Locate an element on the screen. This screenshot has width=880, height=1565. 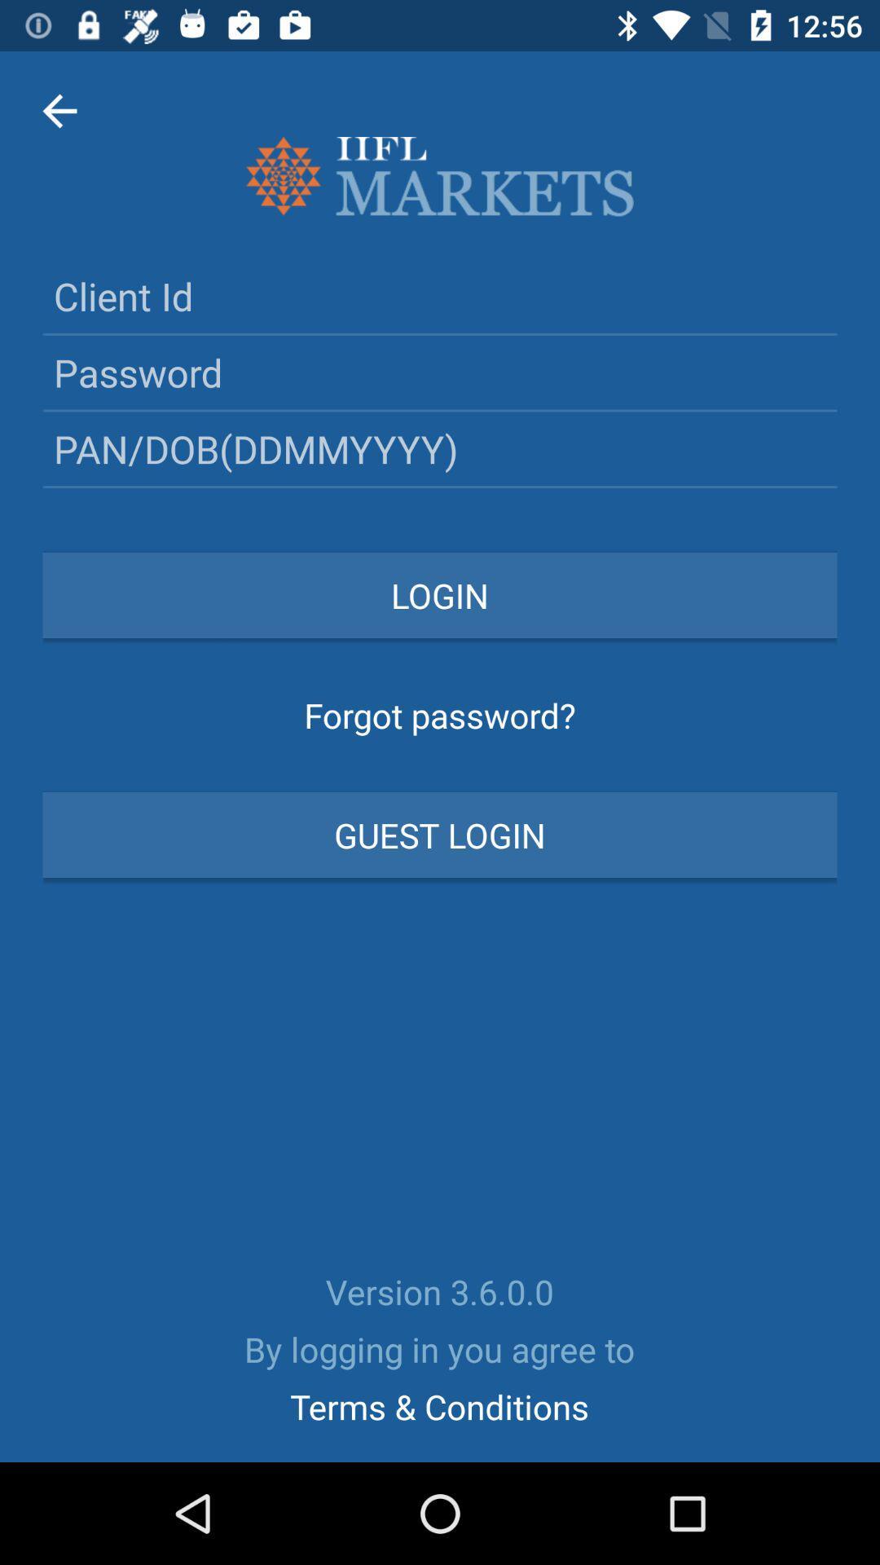
your client id is located at coordinates (440, 296).